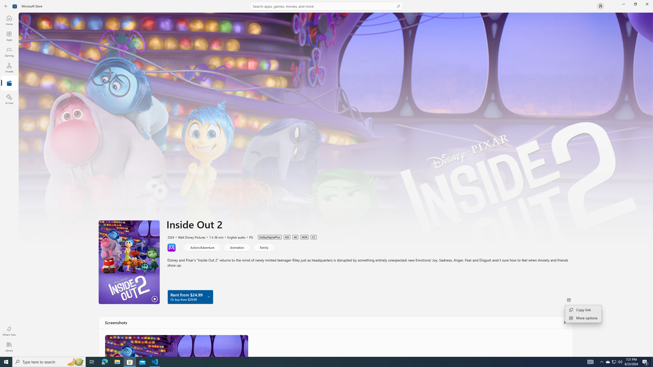  What do you see at coordinates (9, 331) in the screenshot?
I see `'What'` at bounding box center [9, 331].